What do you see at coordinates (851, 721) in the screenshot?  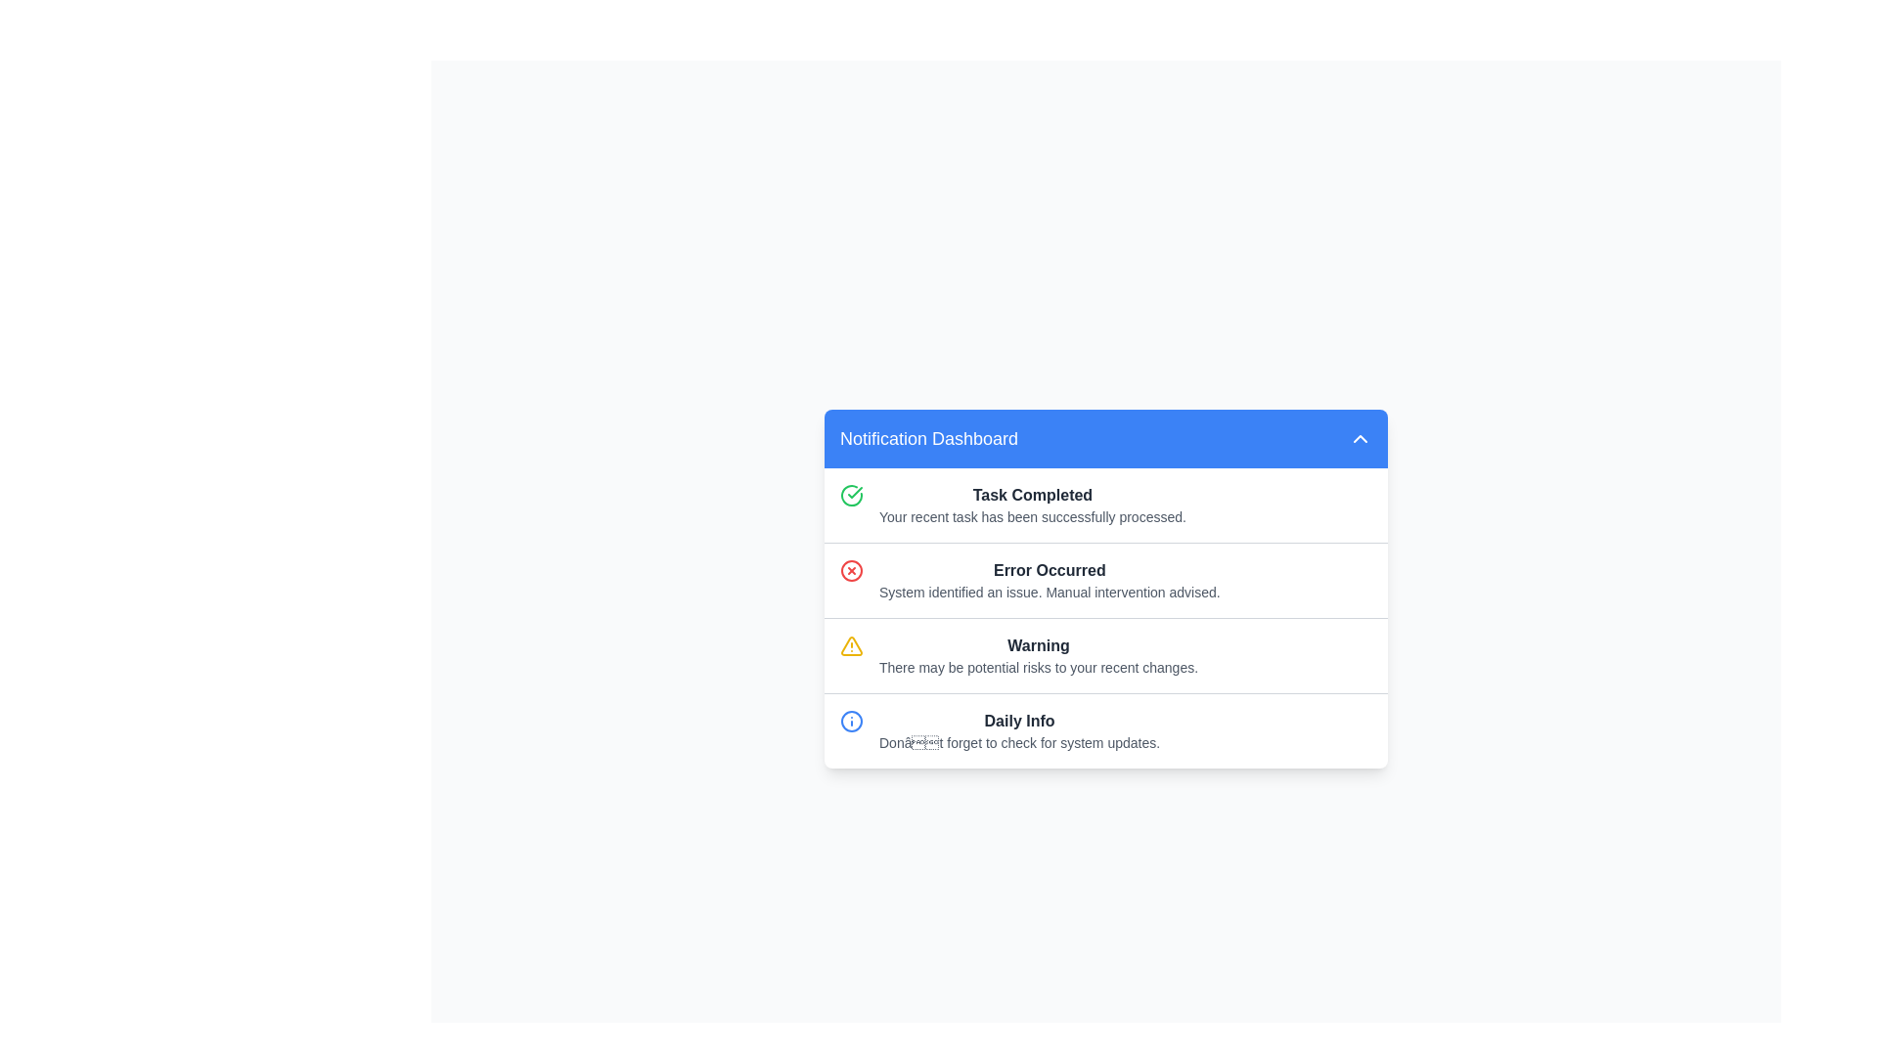 I see `the circular blue icon with a white background featuring an 'i' symbol, located in the 'Daily Info' section of the Notification Dashboard` at bounding box center [851, 721].